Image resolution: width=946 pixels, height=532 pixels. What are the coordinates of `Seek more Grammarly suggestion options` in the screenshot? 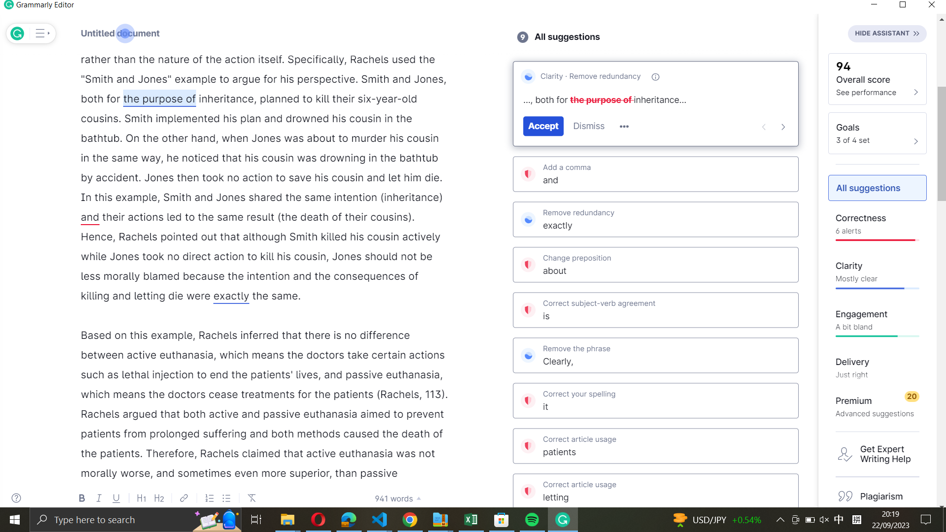 It's located at (624, 127).